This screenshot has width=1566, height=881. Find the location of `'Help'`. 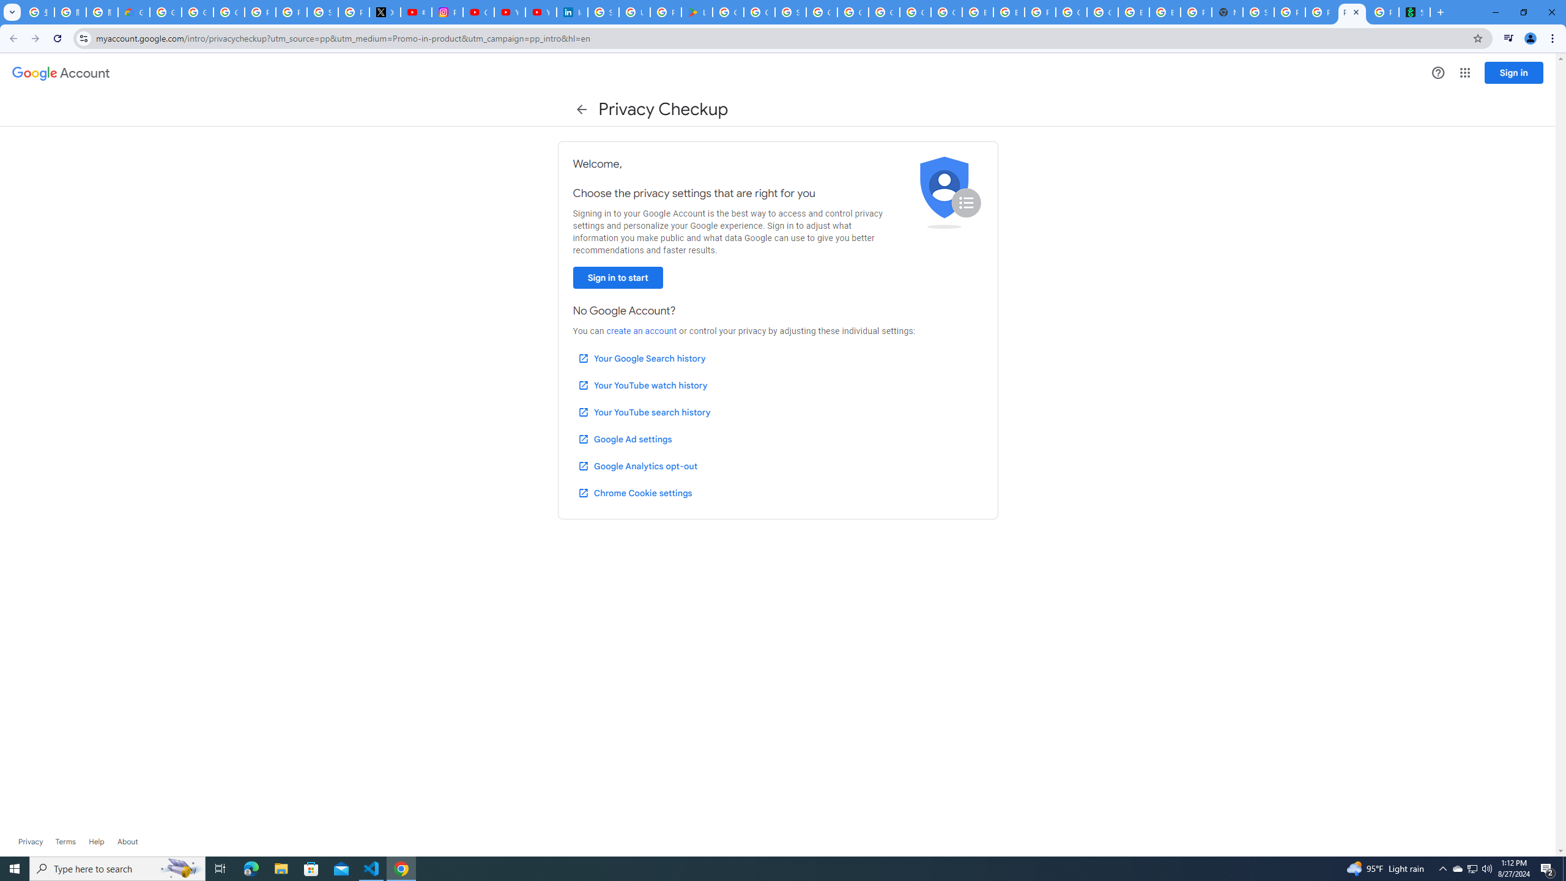

'Help' is located at coordinates (95, 841).